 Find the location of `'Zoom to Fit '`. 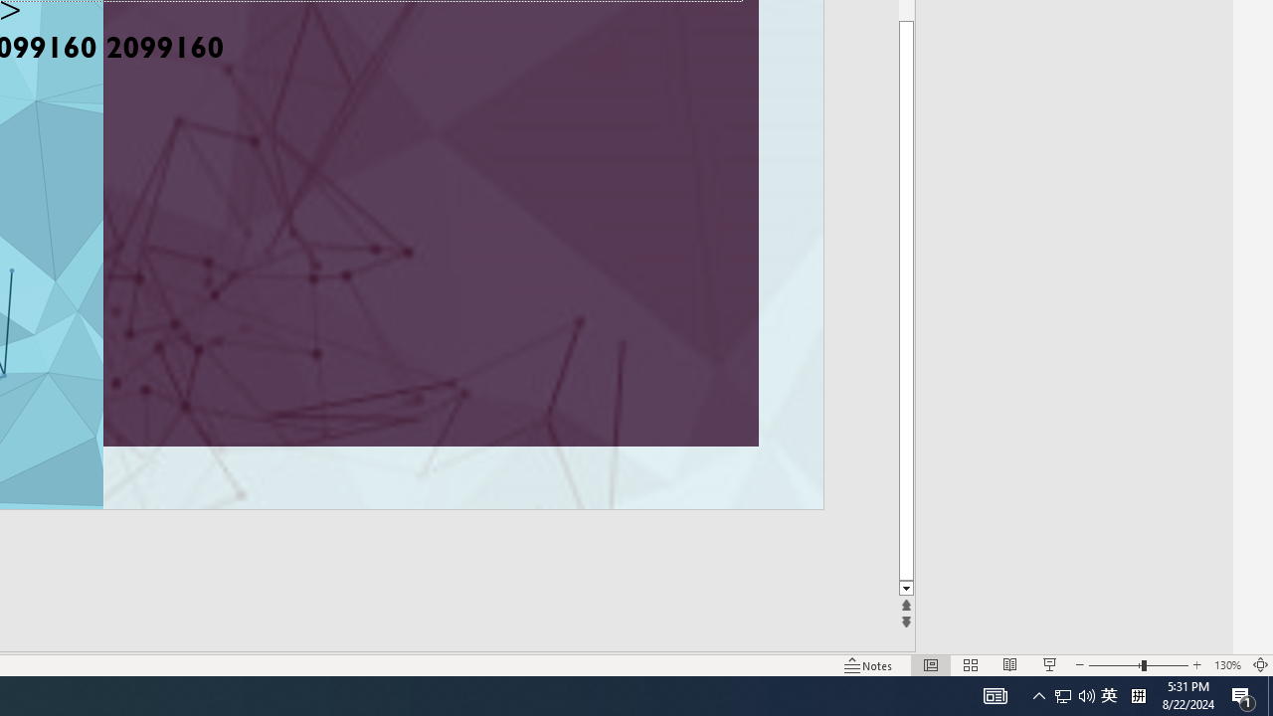

'Zoom to Fit ' is located at coordinates (1259, 665).